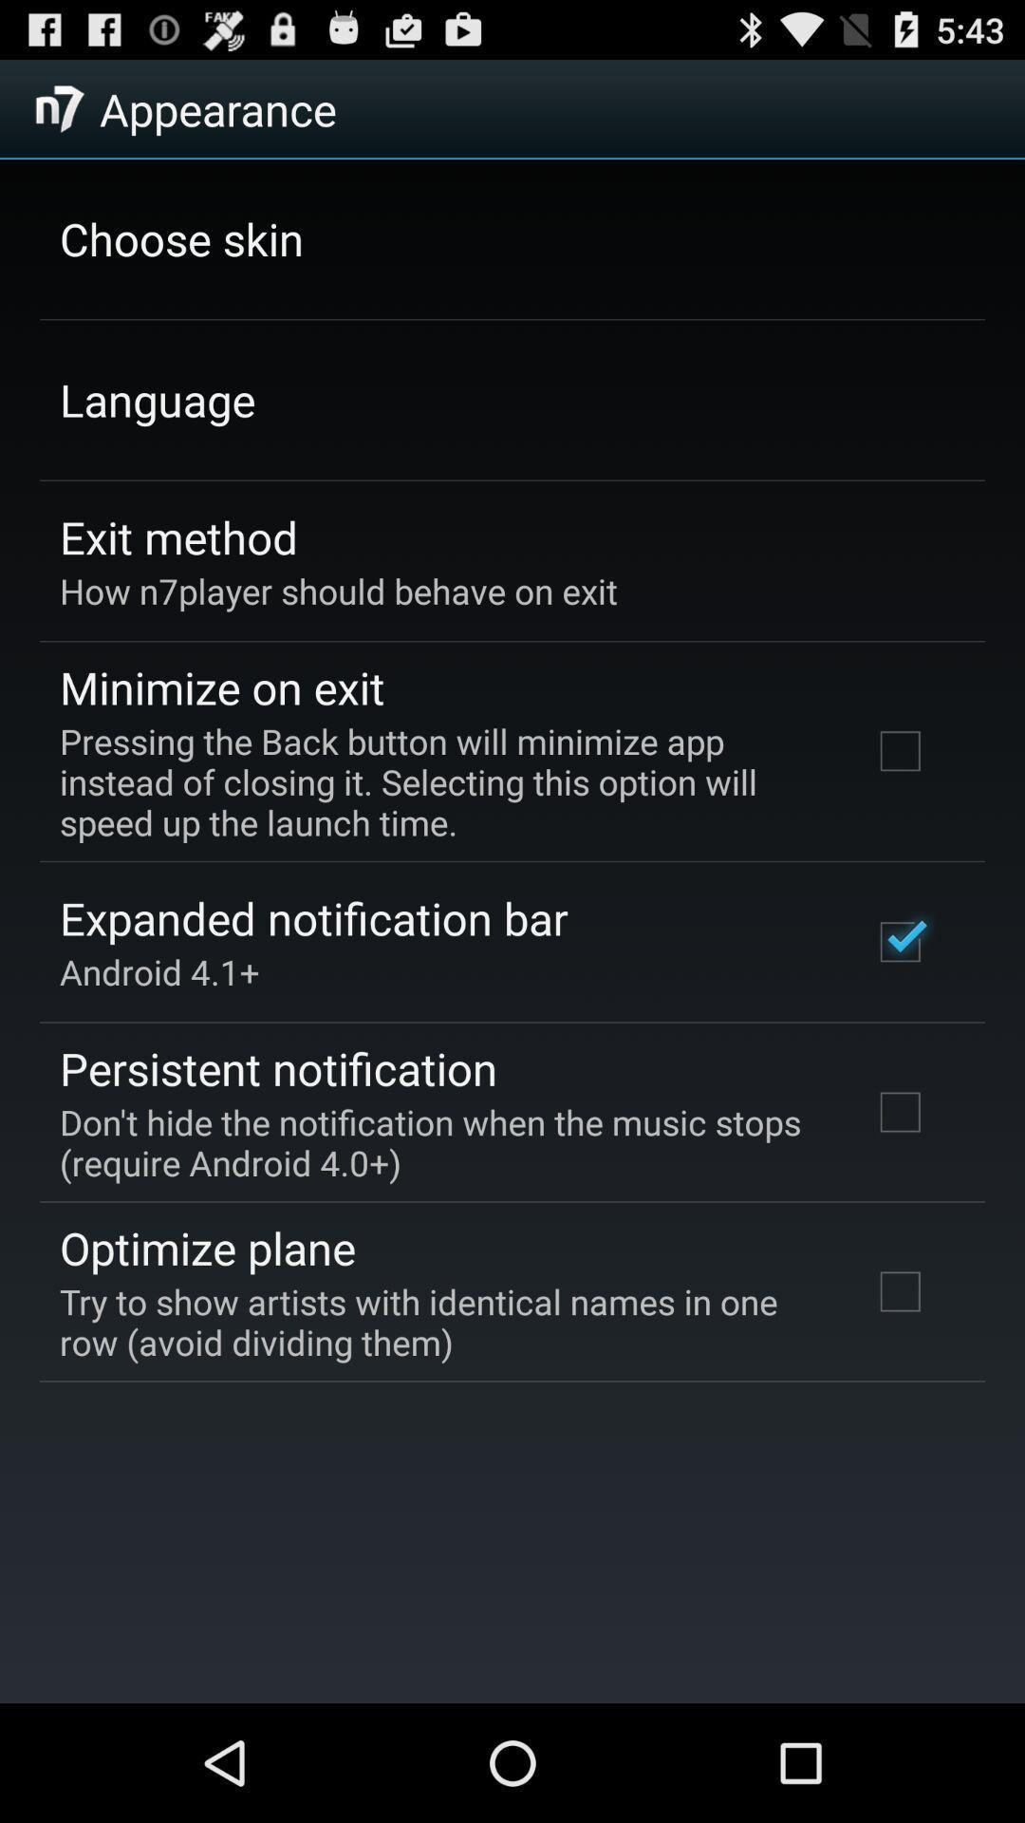 The width and height of the screenshot is (1025, 1823). What do you see at coordinates (208, 1248) in the screenshot?
I see `the optimize plane` at bounding box center [208, 1248].